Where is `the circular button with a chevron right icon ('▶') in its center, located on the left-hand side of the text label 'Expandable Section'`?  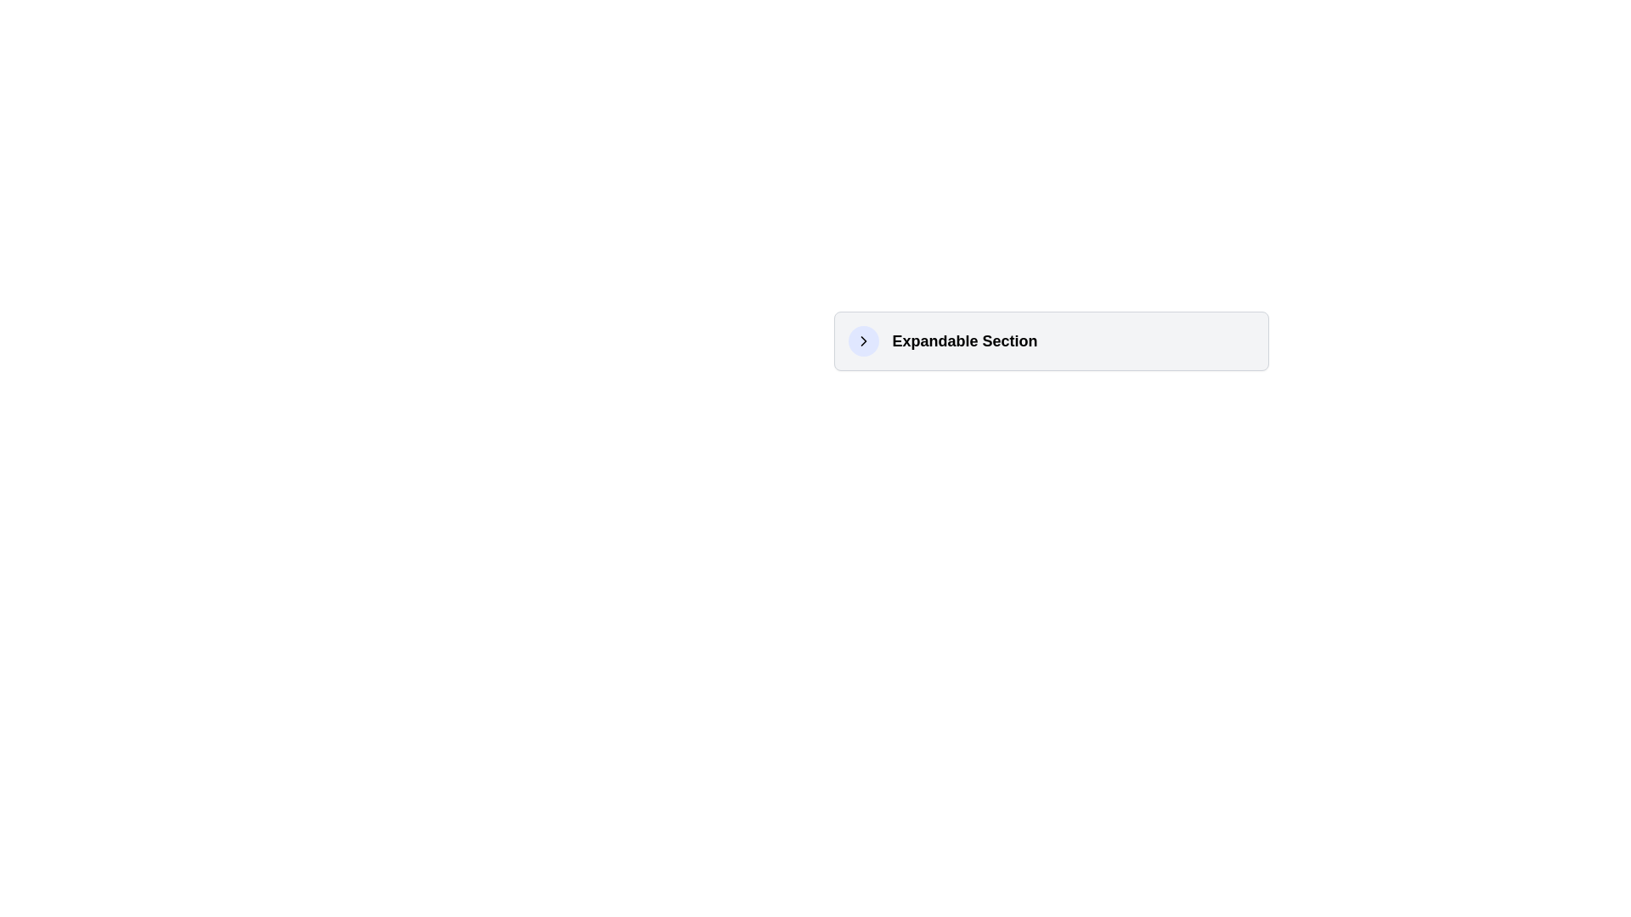
the circular button with a chevron right icon ('▶') in its center, located on the left-hand side of the text label 'Expandable Section' is located at coordinates (863, 340).